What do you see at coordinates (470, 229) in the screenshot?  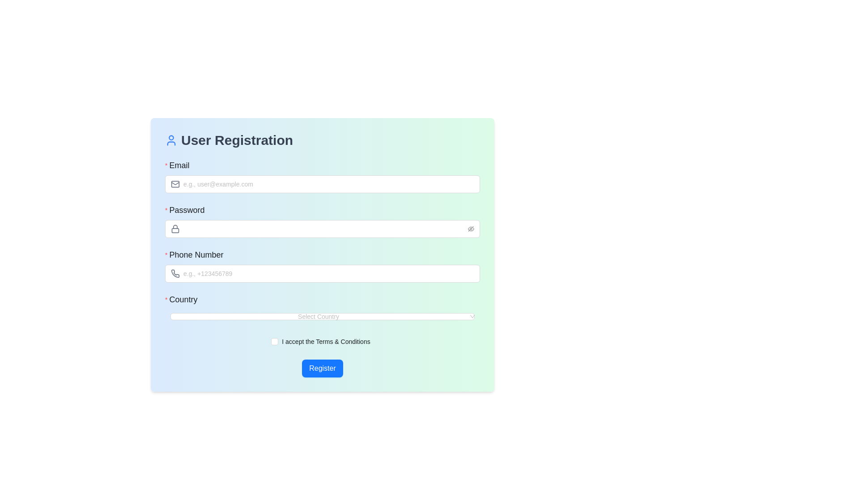 I see `the eye-invisible icon within the password input field` at bounding box center [470, 229].